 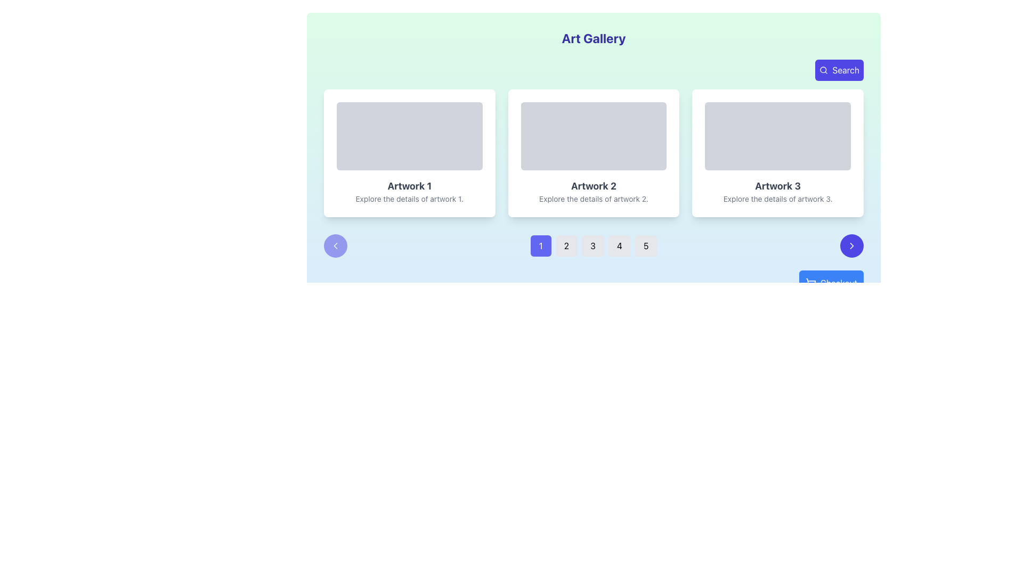 I want to click on the pagination control button, so click(x=593, y=246).